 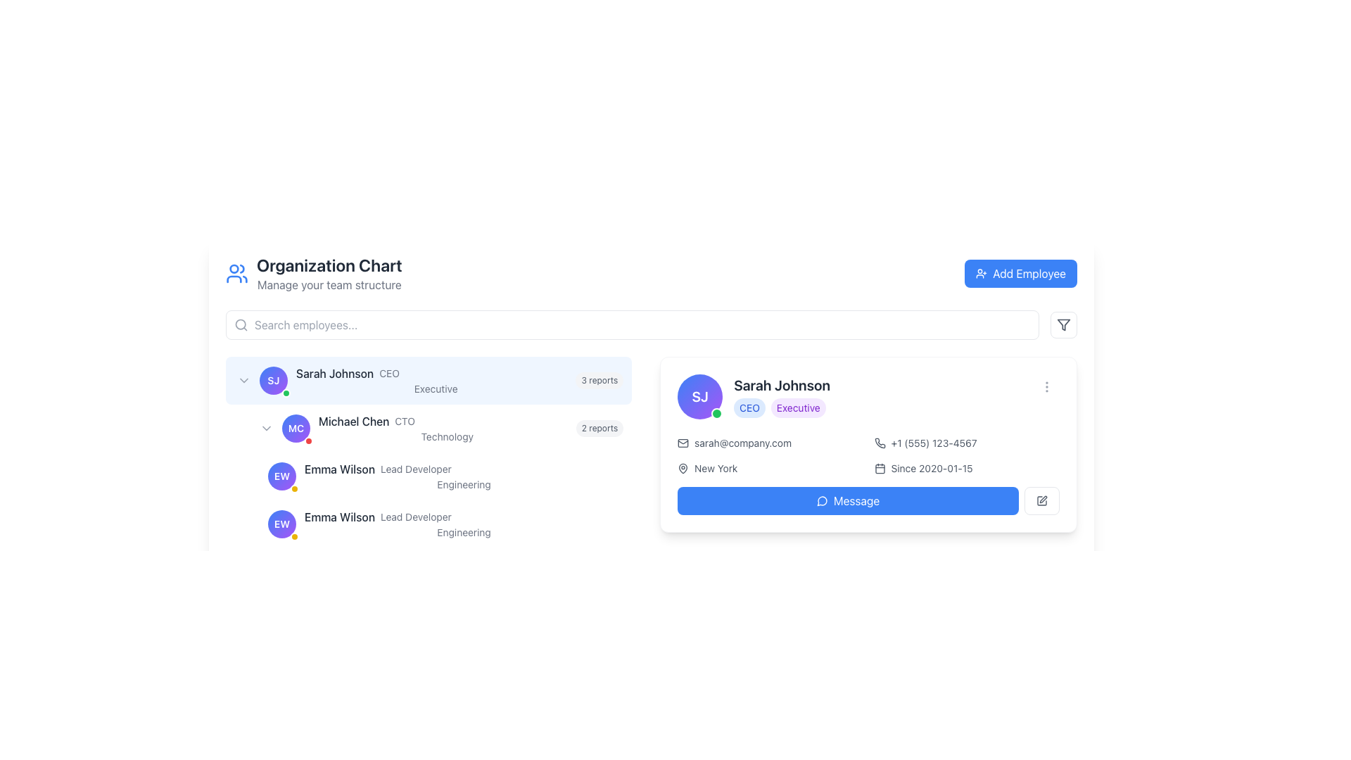 What do you see at coordinates (273, 380) in the screenshot?
I see `the circular avatar containing the initials 'SJ' with a gradient background and a green status indicator, located next` at bounding box center [273, 380].